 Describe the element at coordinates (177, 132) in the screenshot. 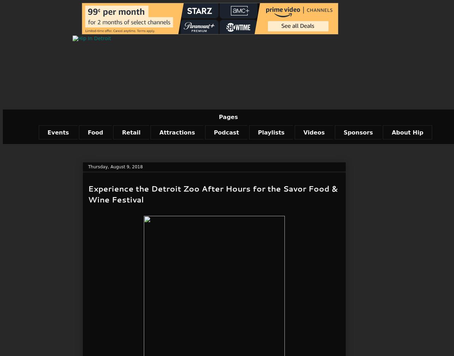

I see `'Attractions'` at that location.